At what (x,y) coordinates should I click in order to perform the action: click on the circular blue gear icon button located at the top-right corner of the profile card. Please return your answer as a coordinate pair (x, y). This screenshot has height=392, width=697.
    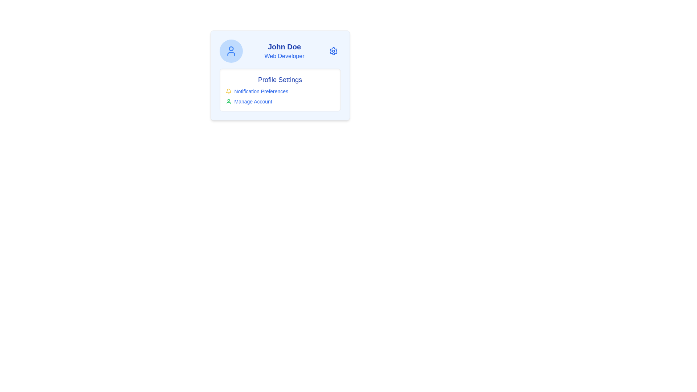
    Looking at the image, I should click on (333, 51).